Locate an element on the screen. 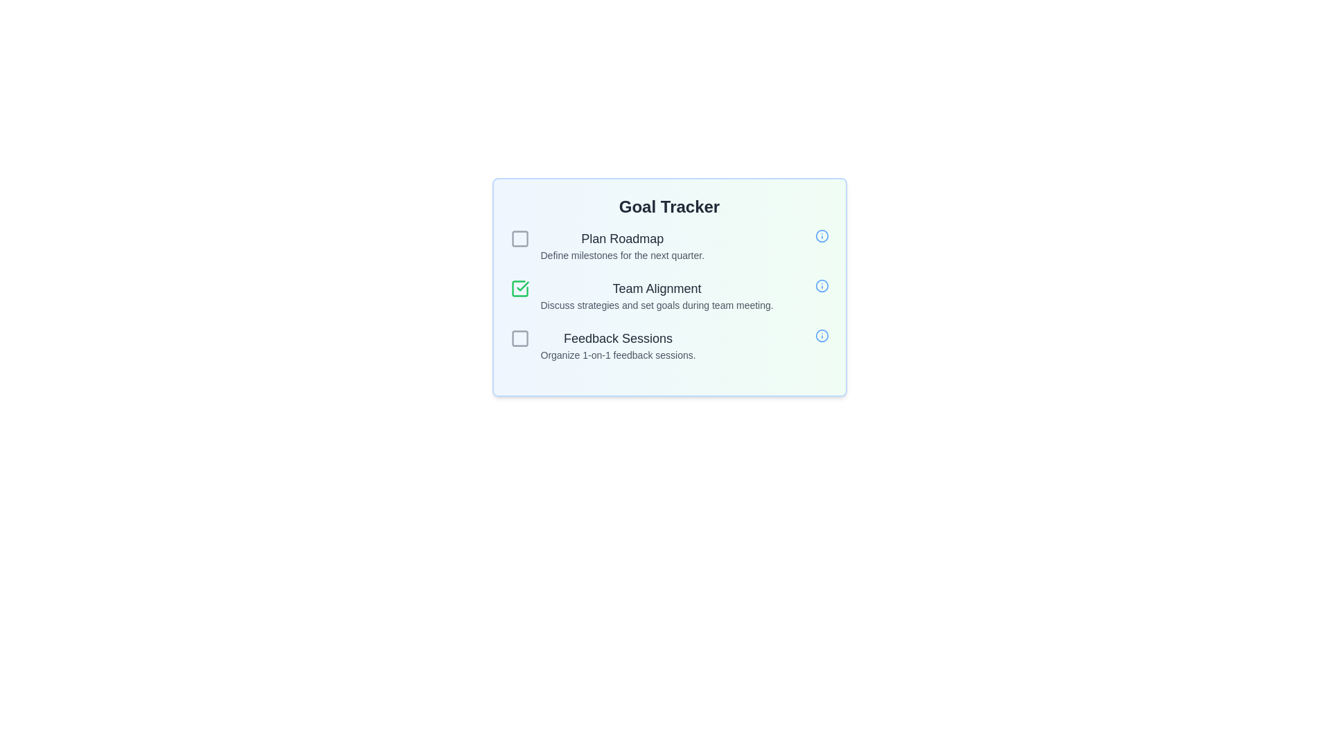 The image size is (1330, 748). the textual heading 'Plan Roadmap' located within the task item block in the Goal Tracker section, styled with a larger font size, bold weight, and dark gray color is located at coordinates (621, 238).